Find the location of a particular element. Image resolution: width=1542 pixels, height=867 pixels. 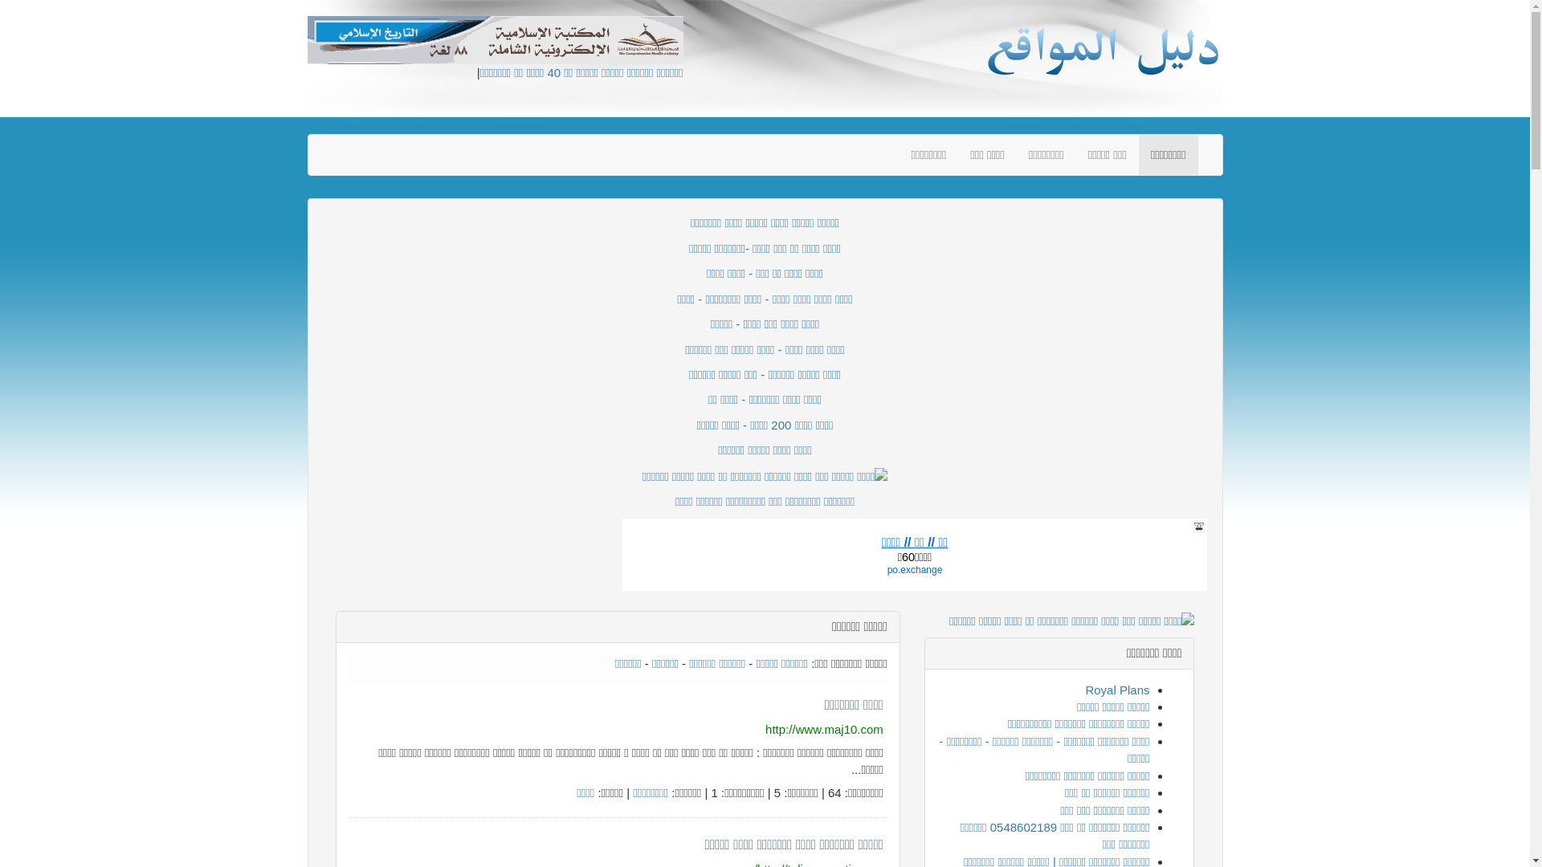

'http://www.maj10.com' is located at coordinates (824, 729).